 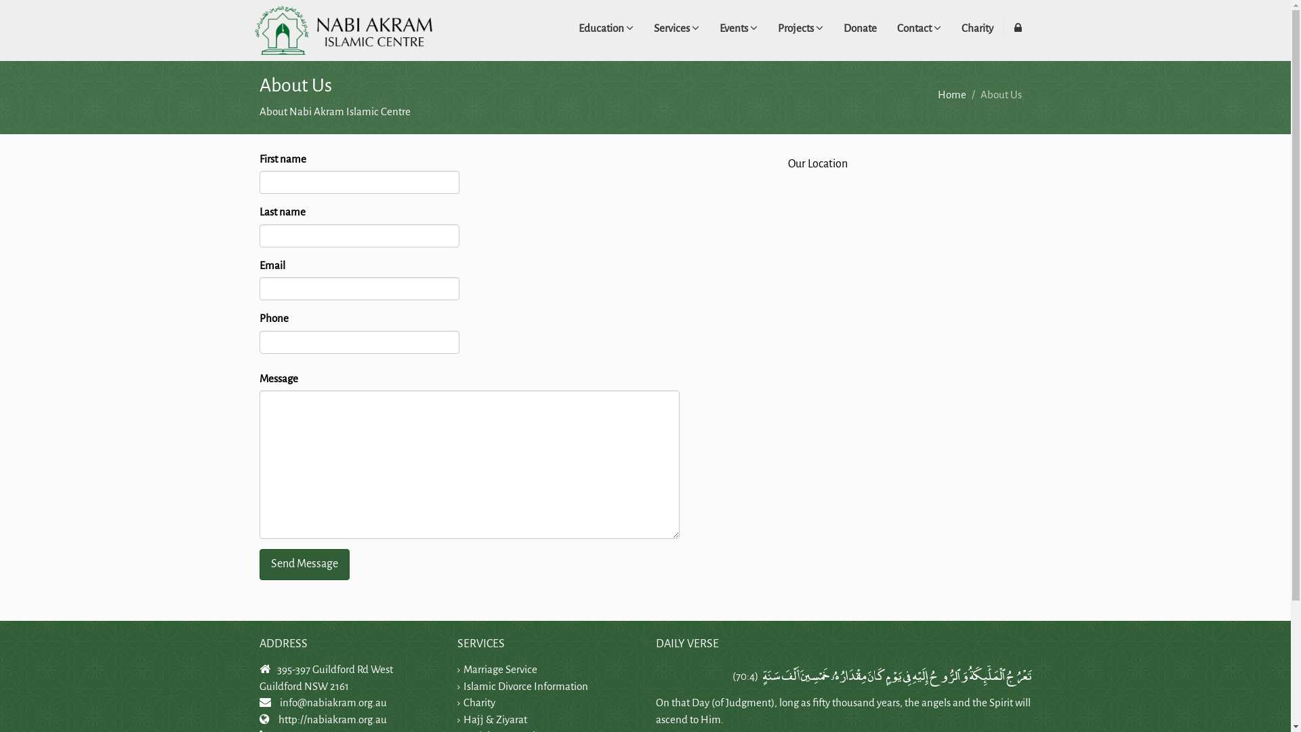 What do you see at coordinates (737, 28) in the screenshot?
I see `'Events'` at bounding box center [737, 28].